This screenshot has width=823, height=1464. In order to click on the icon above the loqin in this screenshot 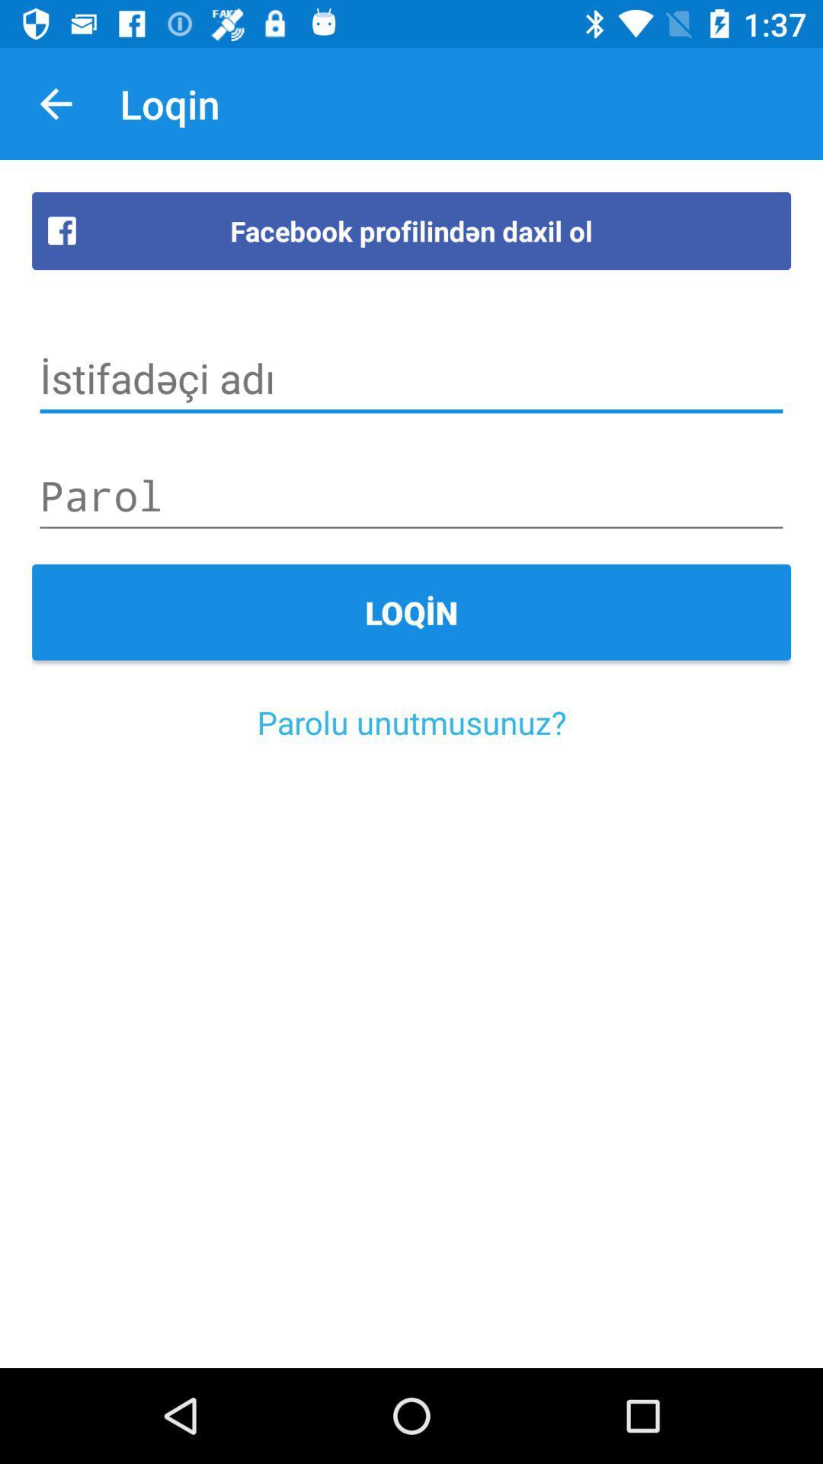, I will do `click(411, 496)`.